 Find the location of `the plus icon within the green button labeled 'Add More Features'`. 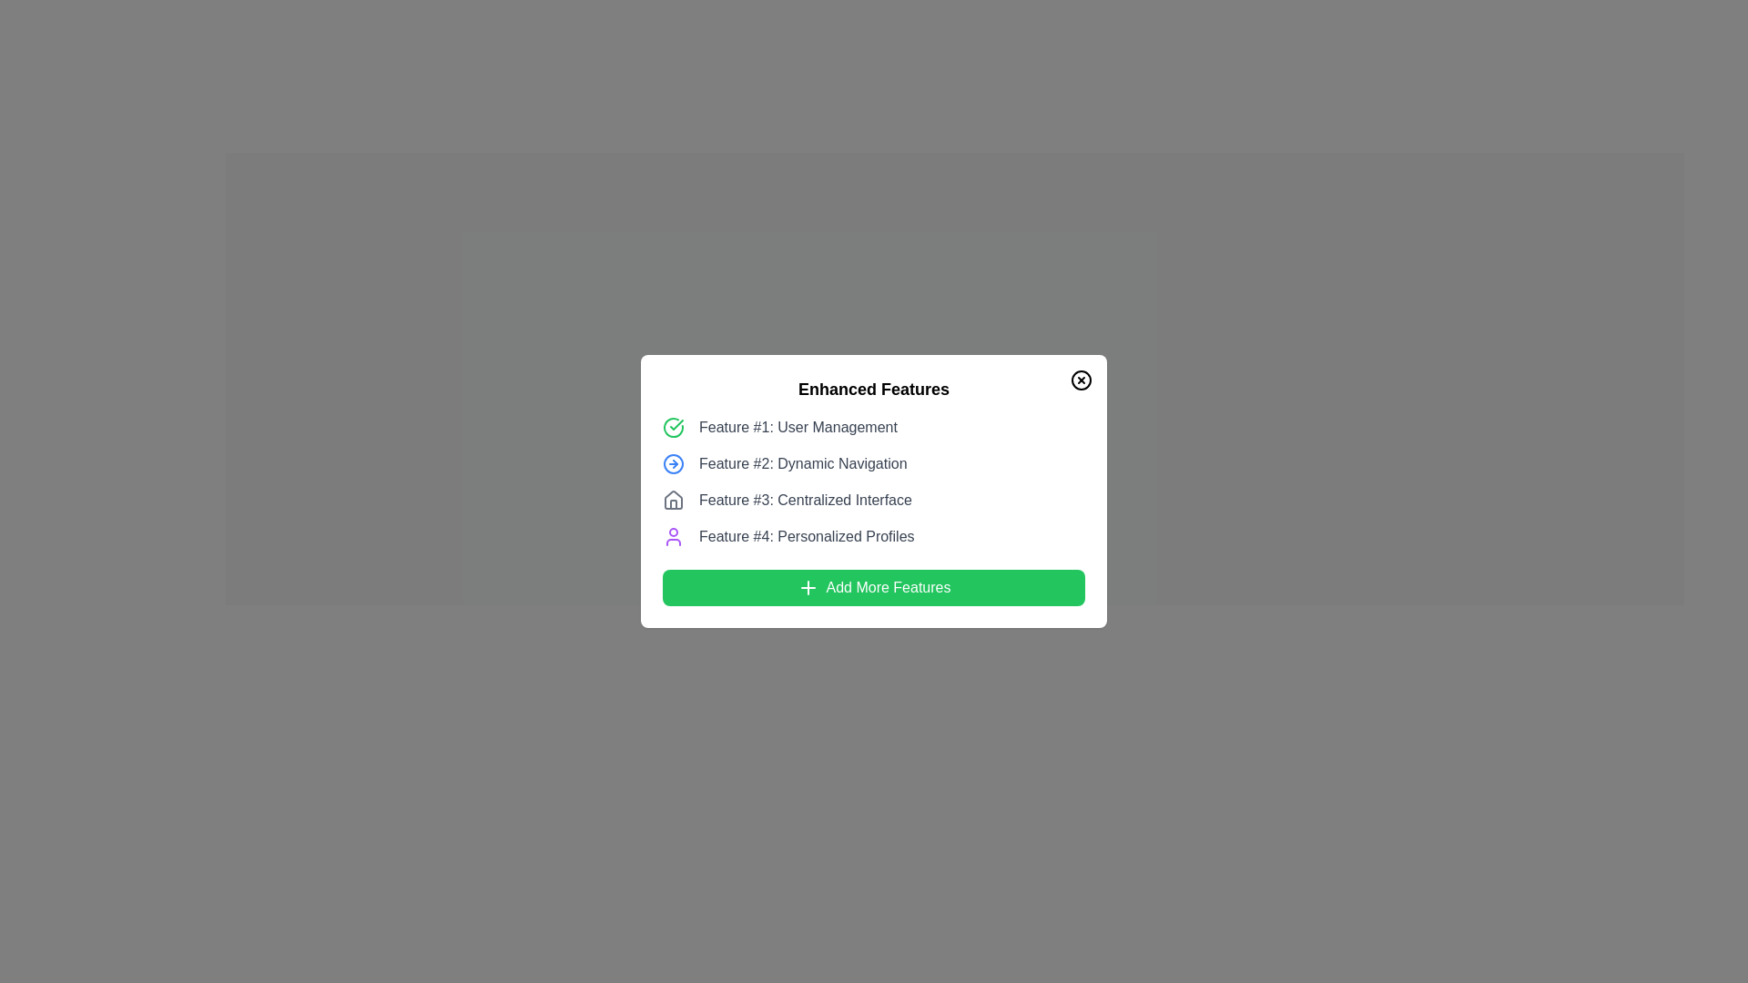

the plus icon within the green button labeled 'Add More Features' is located at coordinates (807, 587).